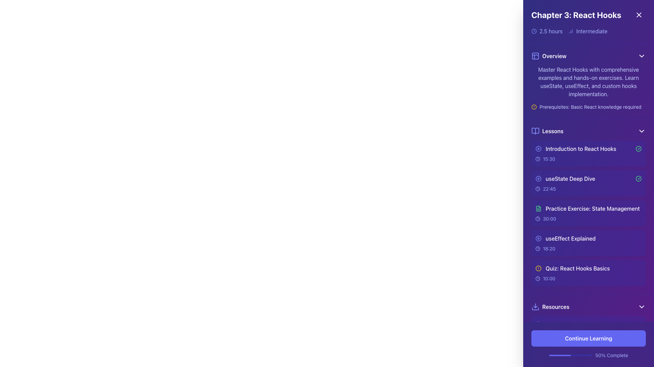 Image resolution: width=654 pixels, height=367 pixels. Describe the element at coordinates (588, 81) in the screenshot. I see `the first text block in the 'Overview' section under 'Chapter 3: React Hooks', styled in lighter indigo color on a dark purple background, to enhance accessibility` at that location.